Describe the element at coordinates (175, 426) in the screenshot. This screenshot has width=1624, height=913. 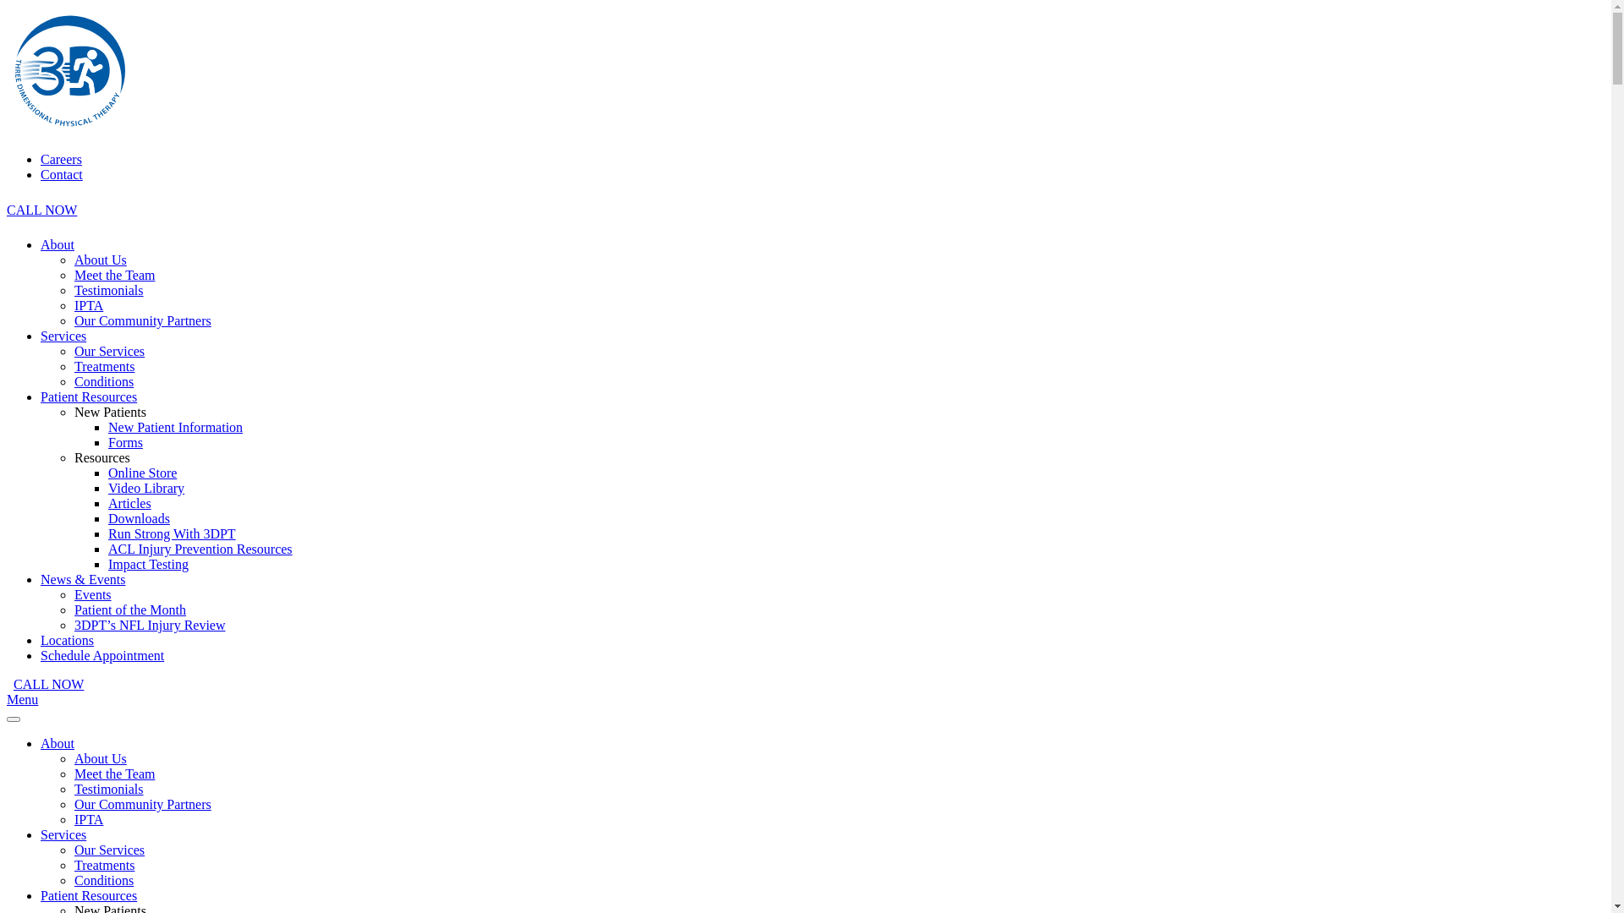
I see `'New Patient Information'` at that location.